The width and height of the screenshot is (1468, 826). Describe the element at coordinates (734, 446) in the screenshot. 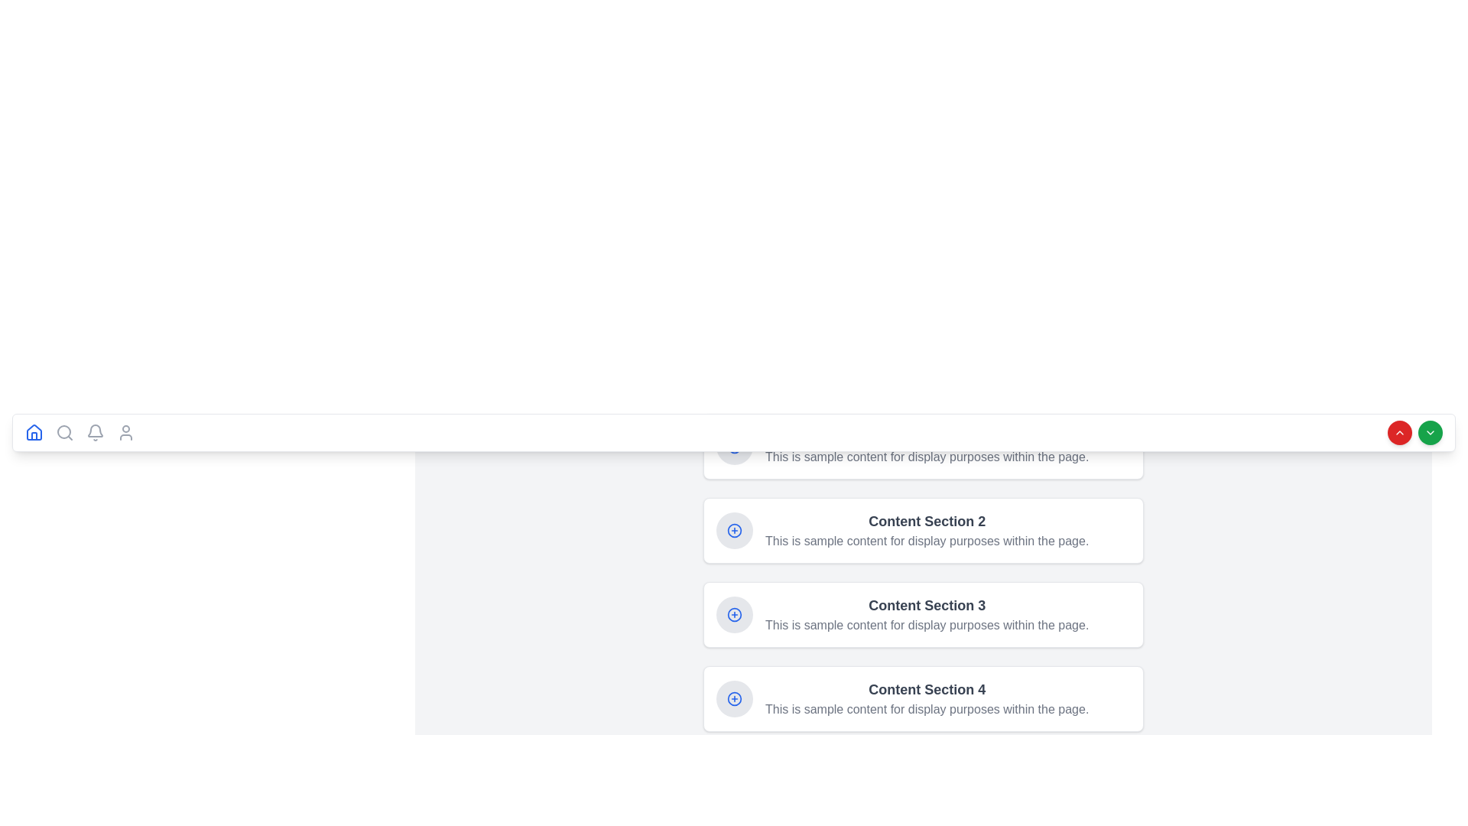

I see `the blue circular icon button with a plus symbol (+) to initiate an add action in the content section labeled 'Content Section 1'` at that location.